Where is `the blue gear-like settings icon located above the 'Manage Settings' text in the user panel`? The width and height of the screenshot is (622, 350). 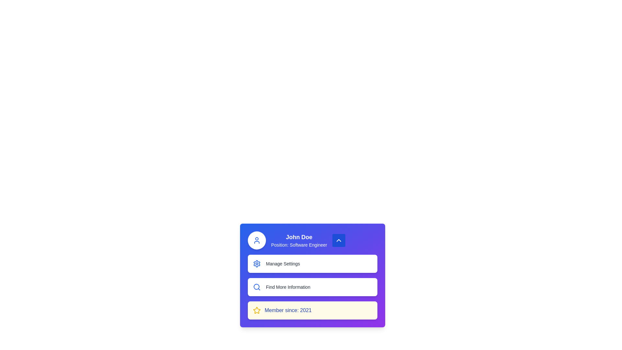
the blue gear-like settings icon located above the 'Manage Settings' text in the user panel is located at coordinates (256, 263).